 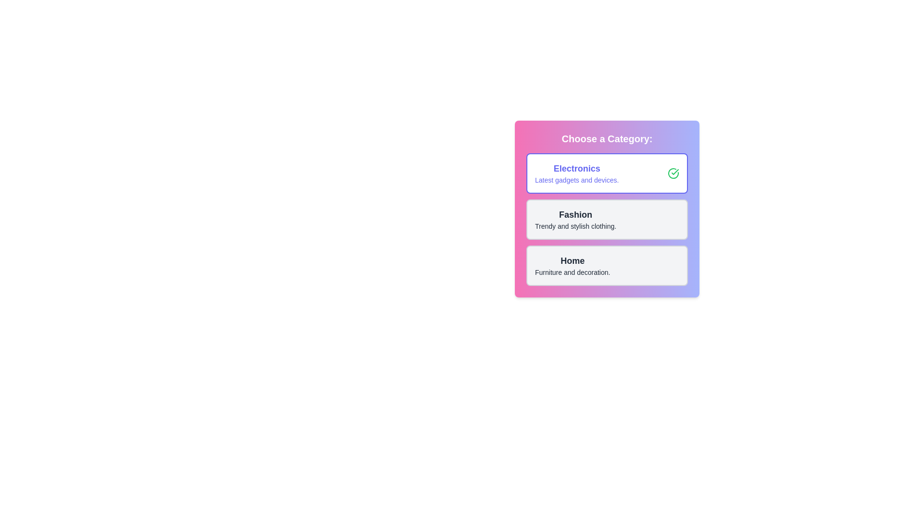 I want to click on the small green checkmark icon next to the text 'Electronics', which indicates a validation or selection state, so click(x=674, y=172).